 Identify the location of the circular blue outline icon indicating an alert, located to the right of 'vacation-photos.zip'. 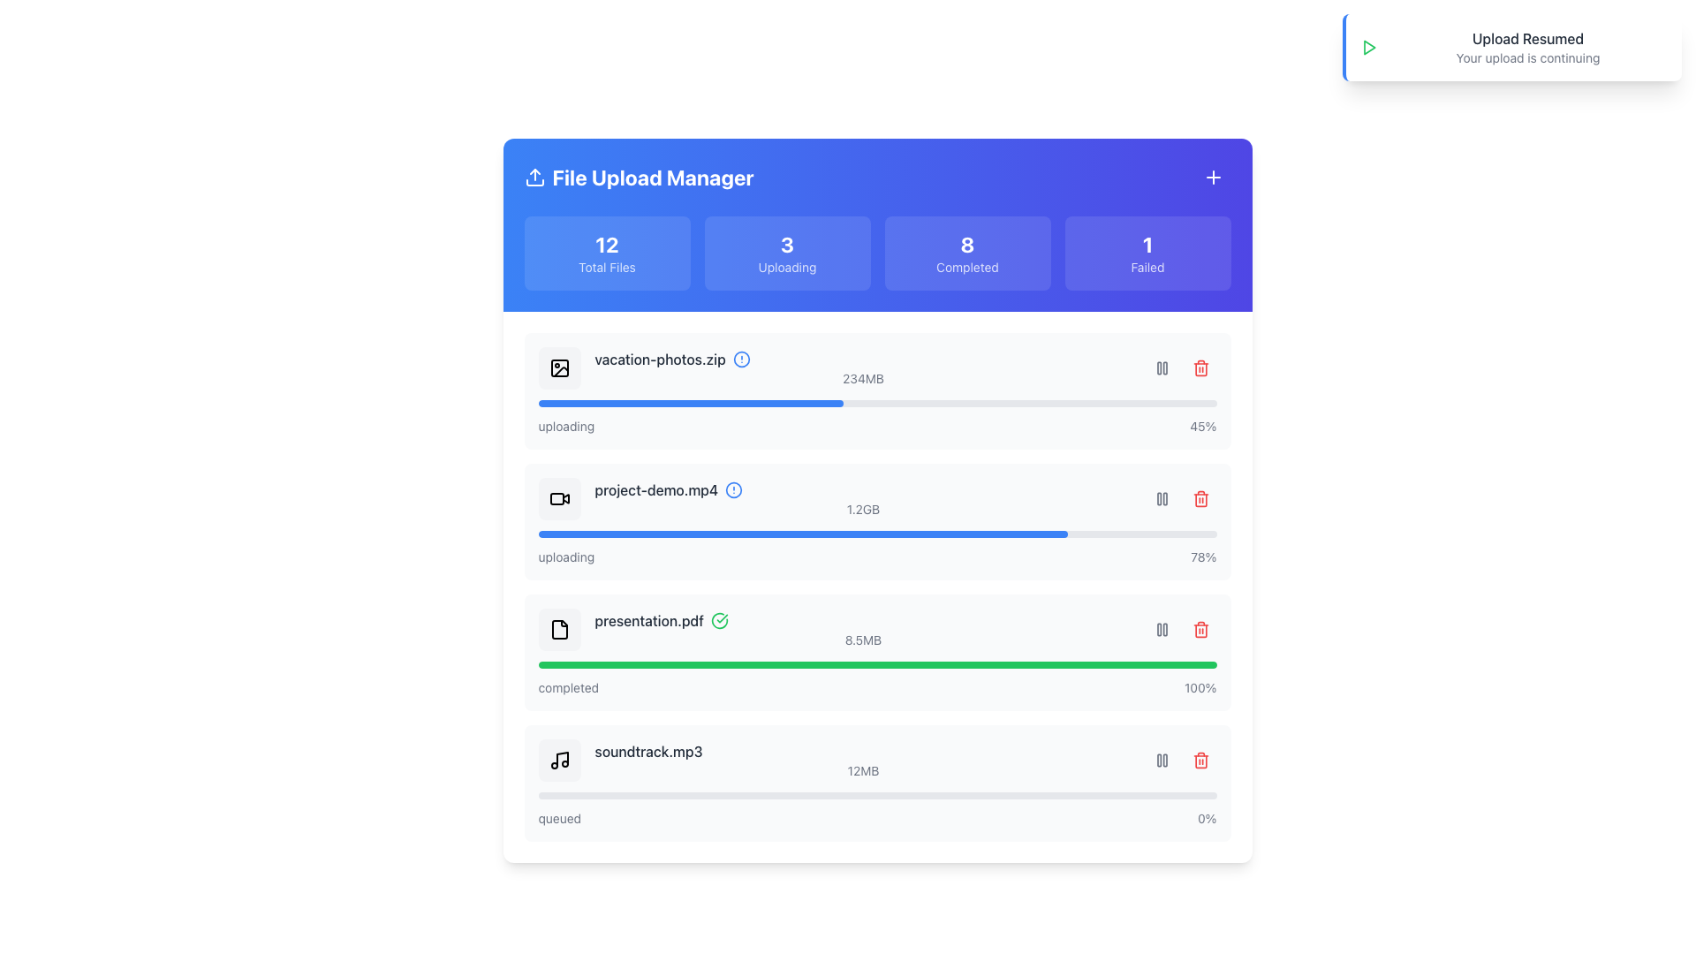
(741, 359).